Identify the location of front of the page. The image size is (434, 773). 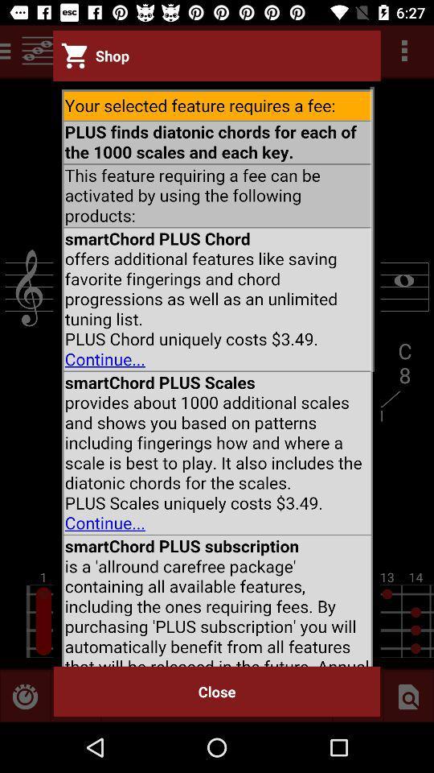
(217, 374).